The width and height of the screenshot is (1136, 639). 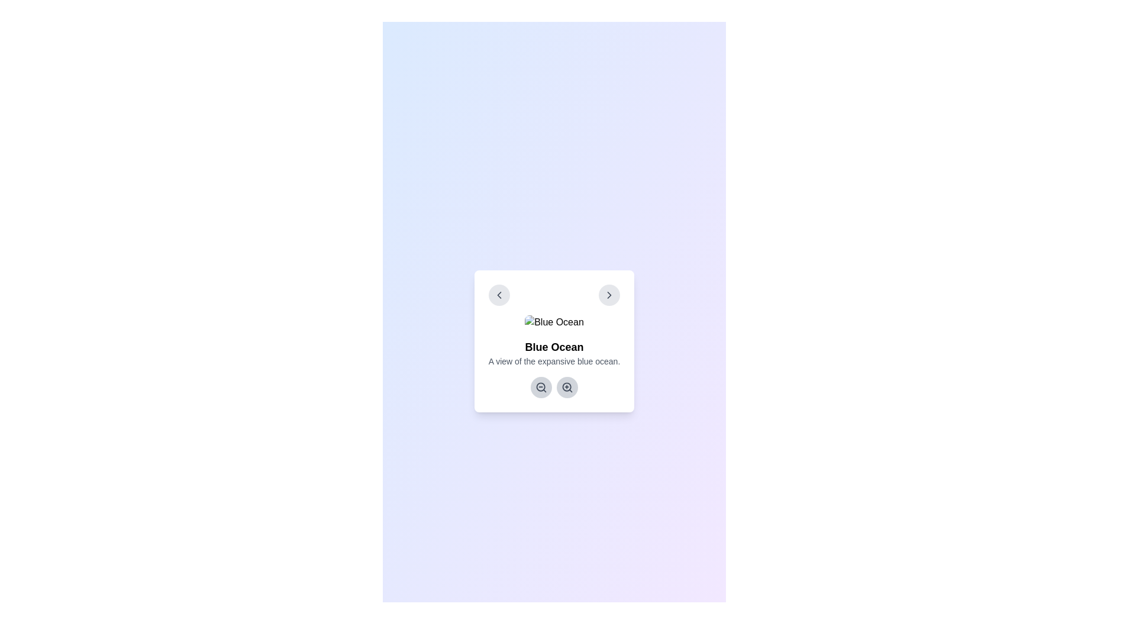 What do you see at coordinates (541, 388) in the screenshot?
I see `the zoom-out icon button located in the bottom-right section of the card area` at bounding box center [541, 388].